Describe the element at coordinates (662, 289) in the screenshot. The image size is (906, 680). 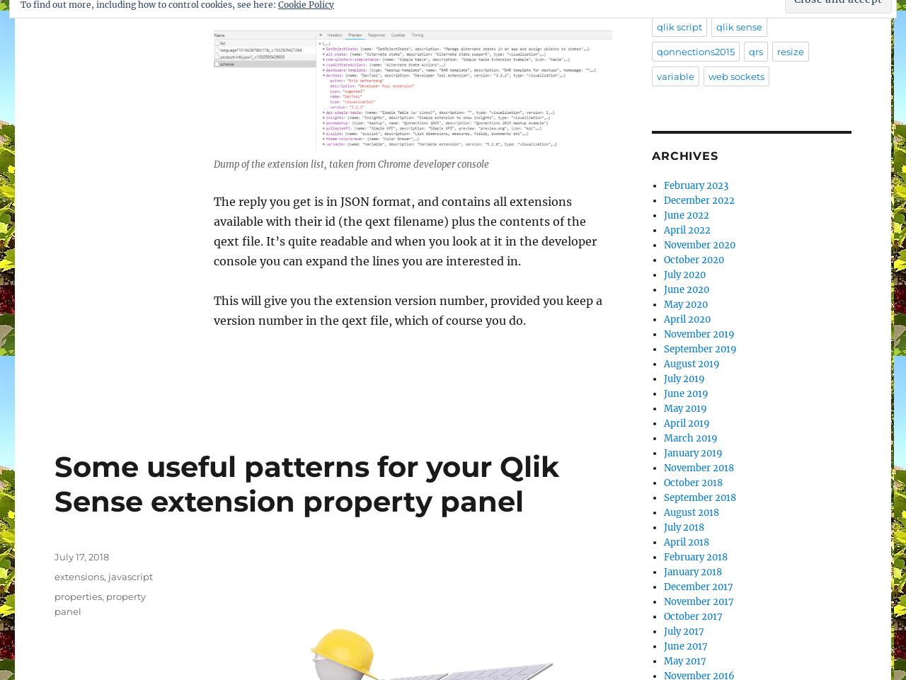
I see `'June 2020'` at that location.